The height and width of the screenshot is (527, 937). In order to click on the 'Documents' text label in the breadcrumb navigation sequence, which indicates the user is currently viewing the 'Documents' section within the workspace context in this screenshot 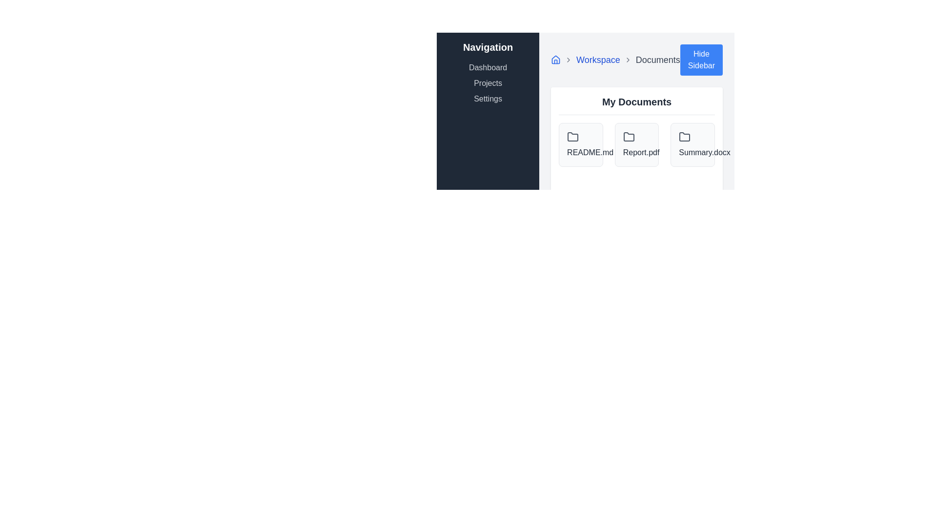, I will do `click(658, 60)`.